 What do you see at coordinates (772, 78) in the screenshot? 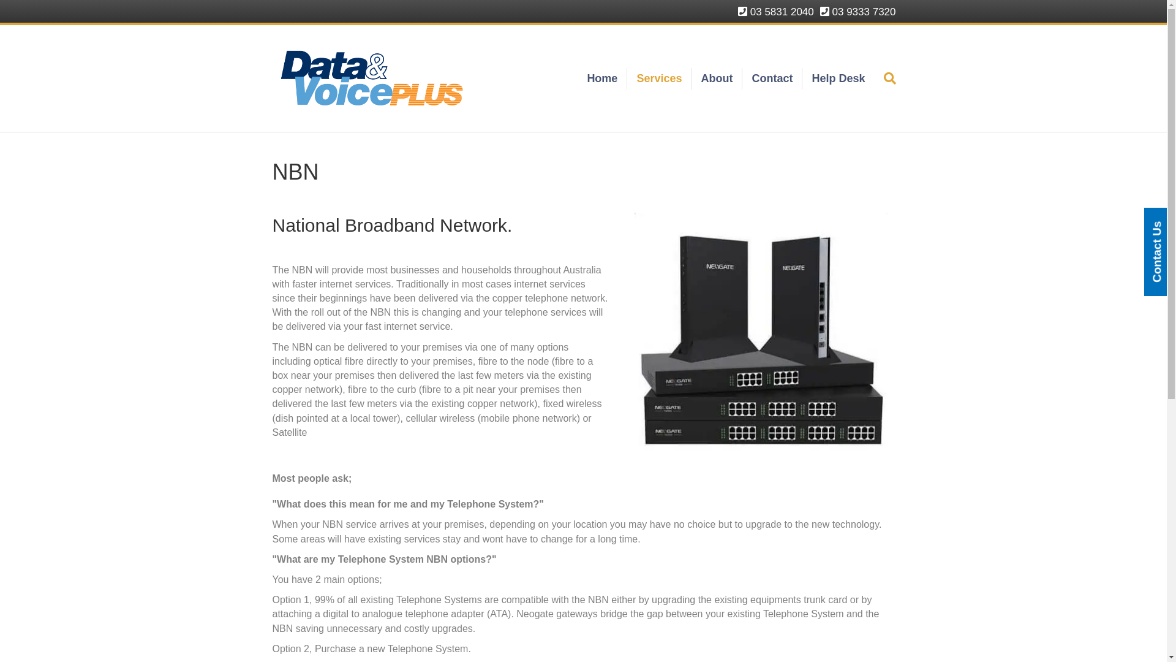
I see `'Contact'` at bounding box center [772, 78].